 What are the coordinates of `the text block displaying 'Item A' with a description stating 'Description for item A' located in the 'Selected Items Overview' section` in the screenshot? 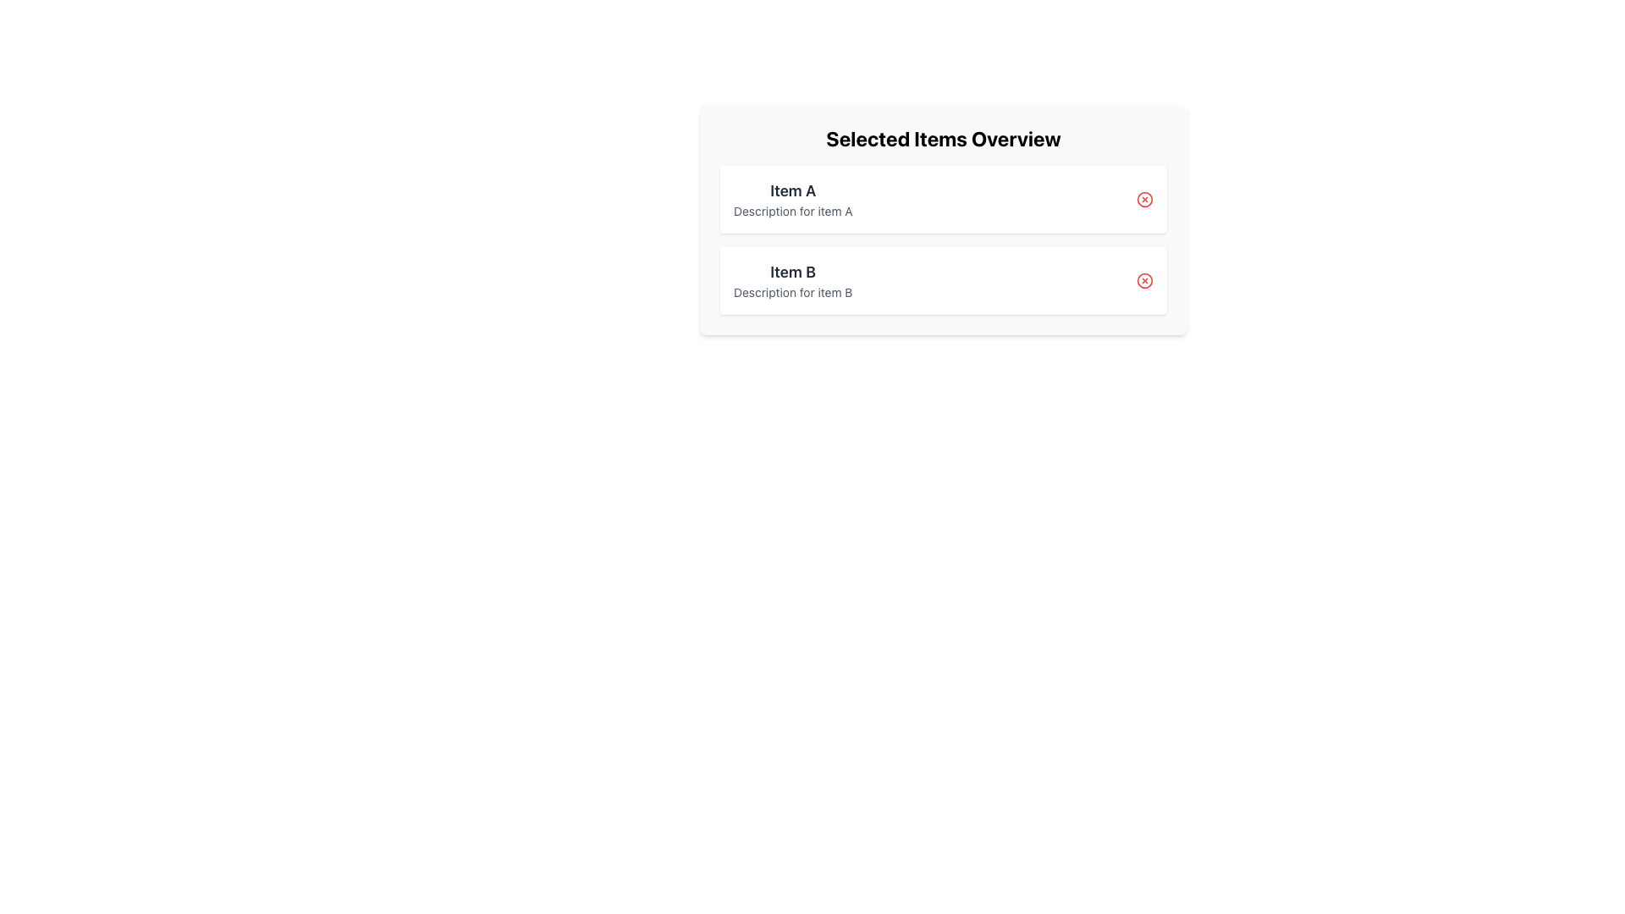 It's located at (792, 198).